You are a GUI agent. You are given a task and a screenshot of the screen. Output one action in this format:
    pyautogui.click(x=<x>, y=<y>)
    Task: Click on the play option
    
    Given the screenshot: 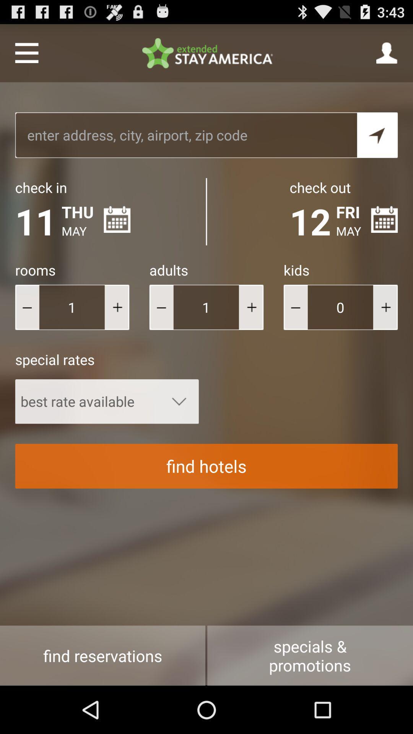 What is the action you would take?
    pyautogui.click(x=117, y=307)
    